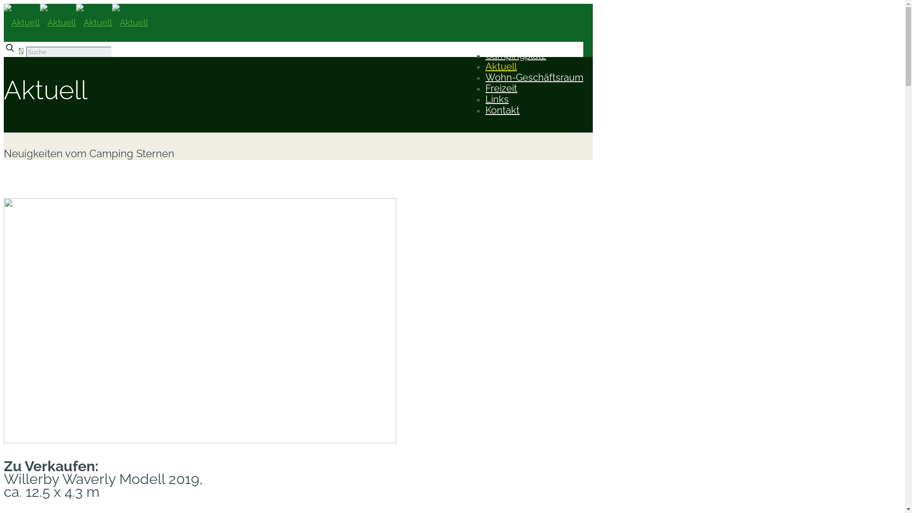  I want to click on 'Links', so click(496, 99).